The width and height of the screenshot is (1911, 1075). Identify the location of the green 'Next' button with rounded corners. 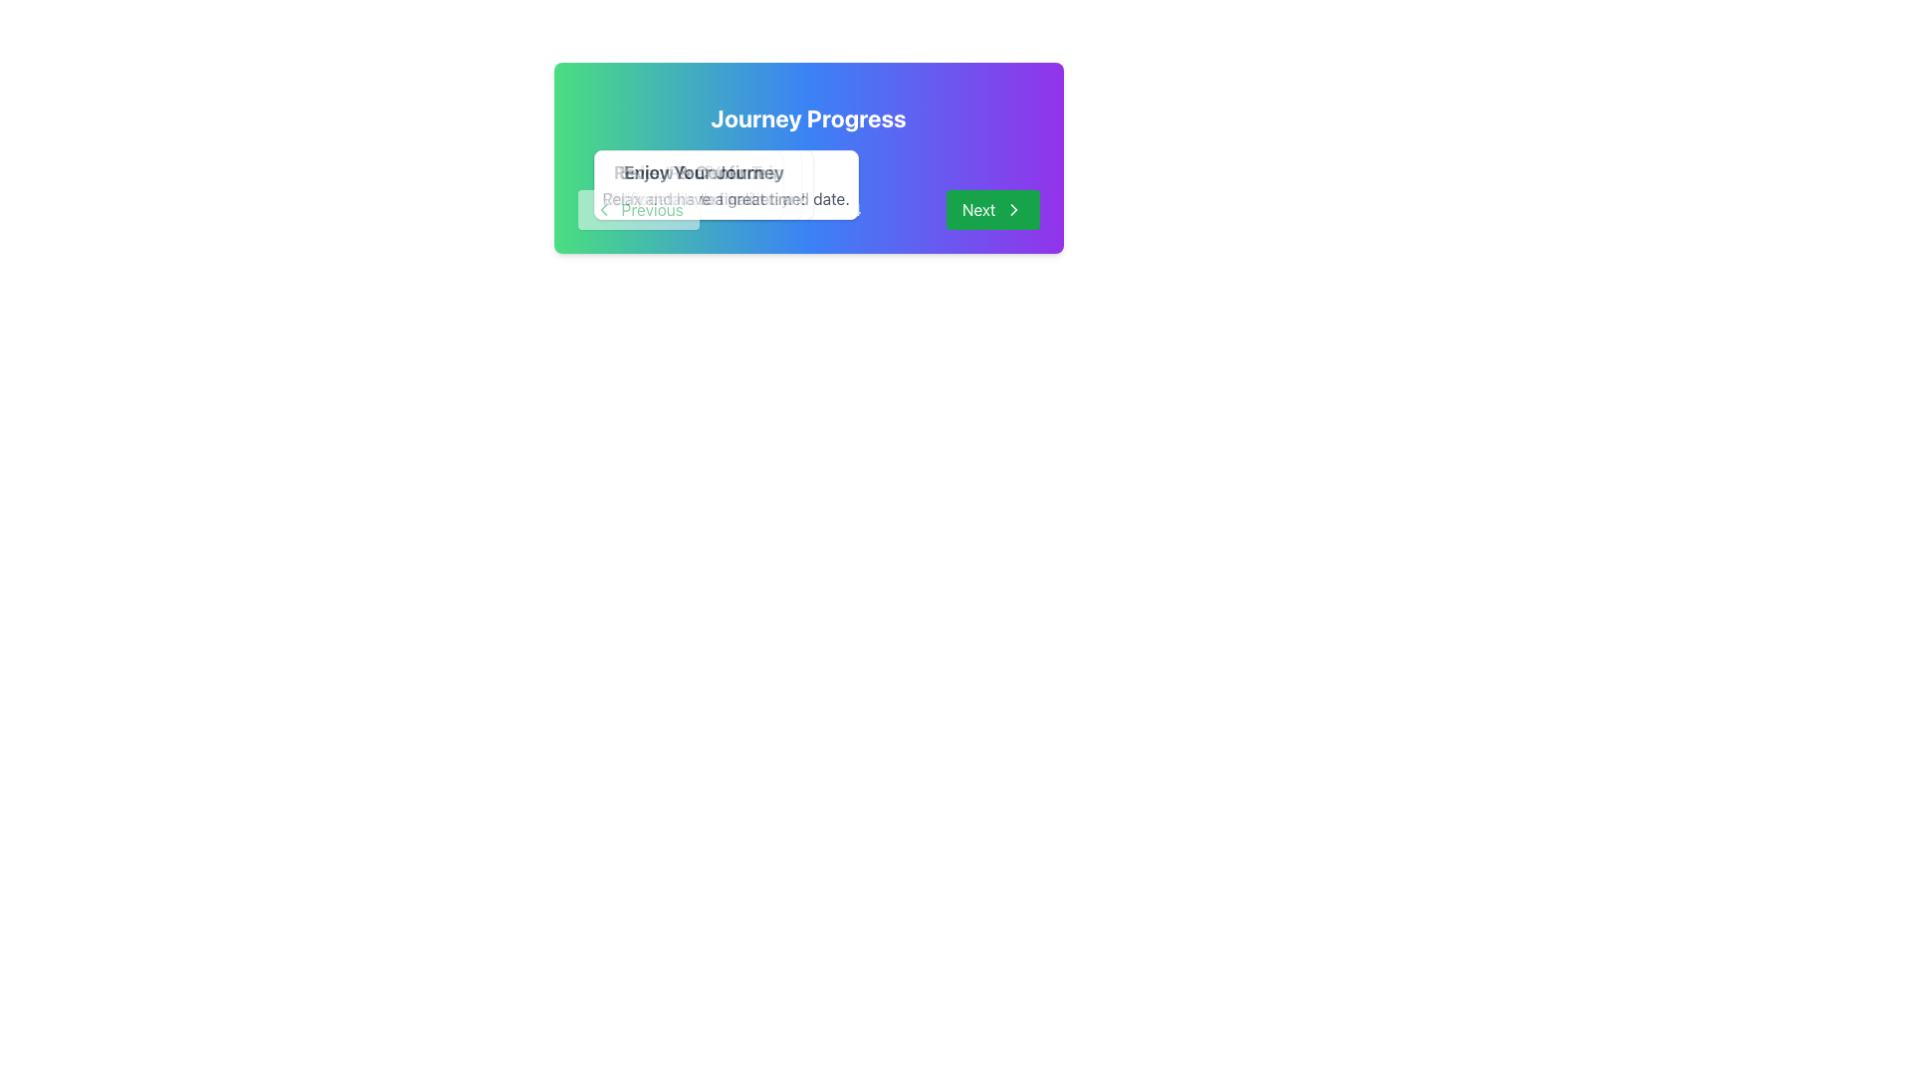
(992, 210).